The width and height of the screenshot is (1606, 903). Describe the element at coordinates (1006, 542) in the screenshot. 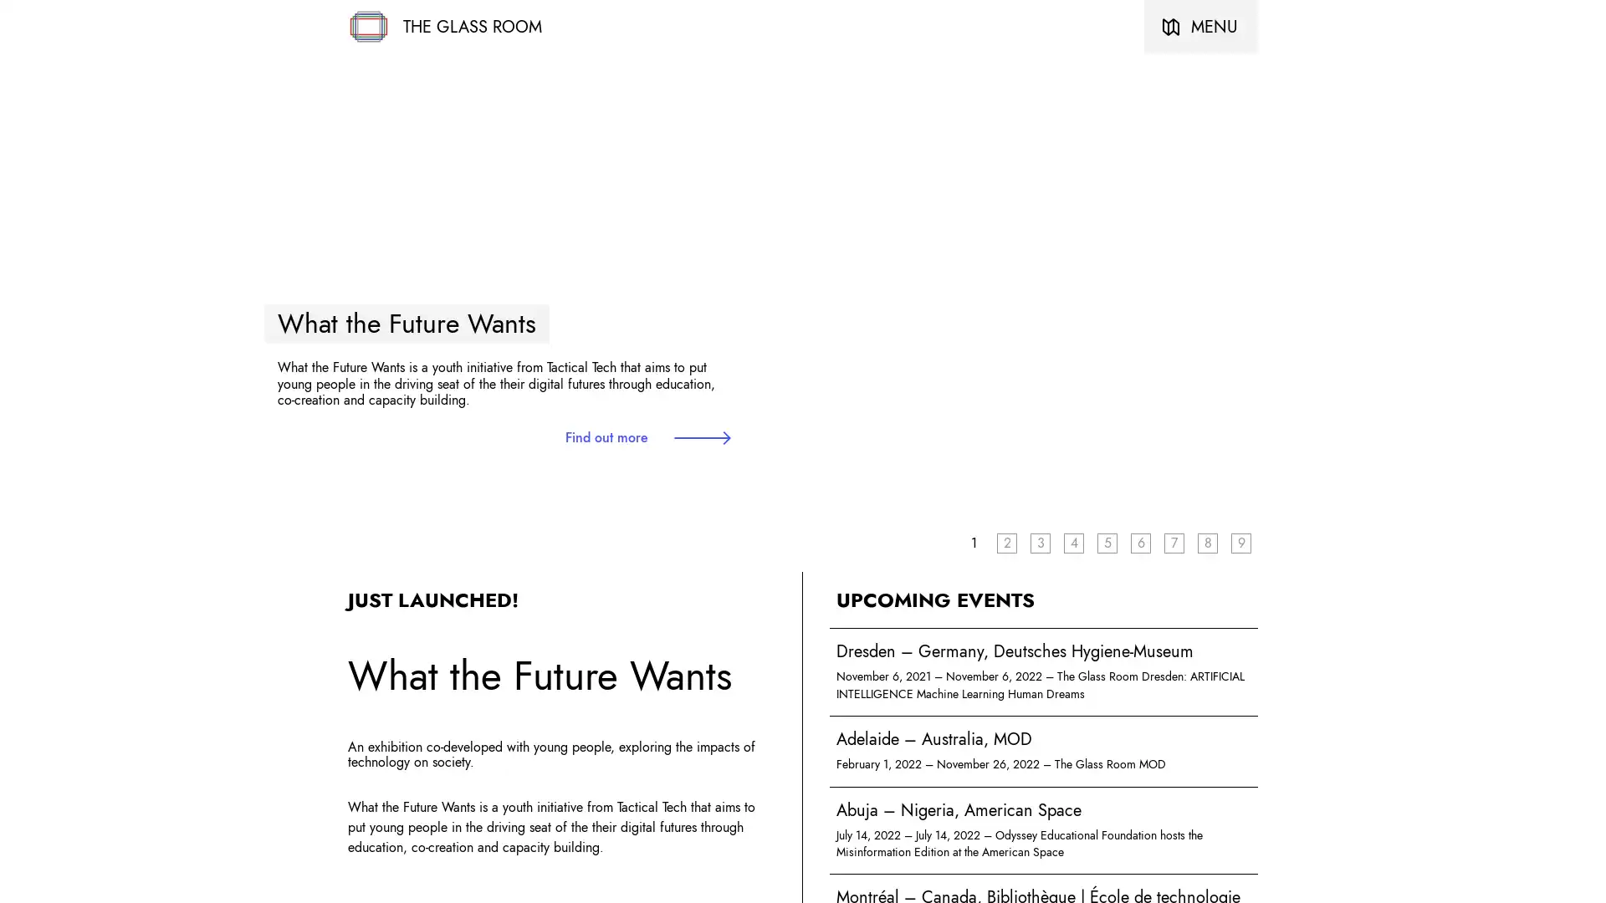

I see `slide item 2` at that location.